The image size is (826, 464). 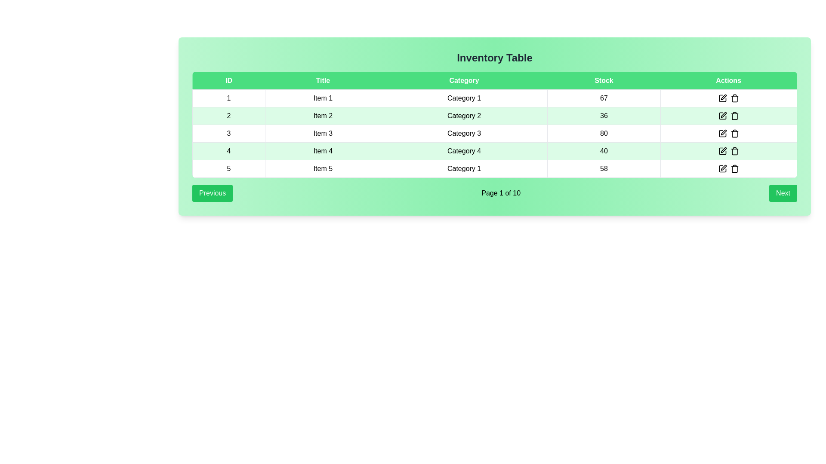 What do you see at coordinates (728, 98) in the screenshot?
I see `the pencil icon in the 'Actions' column of the first data row` at bounding box center [728, 98].